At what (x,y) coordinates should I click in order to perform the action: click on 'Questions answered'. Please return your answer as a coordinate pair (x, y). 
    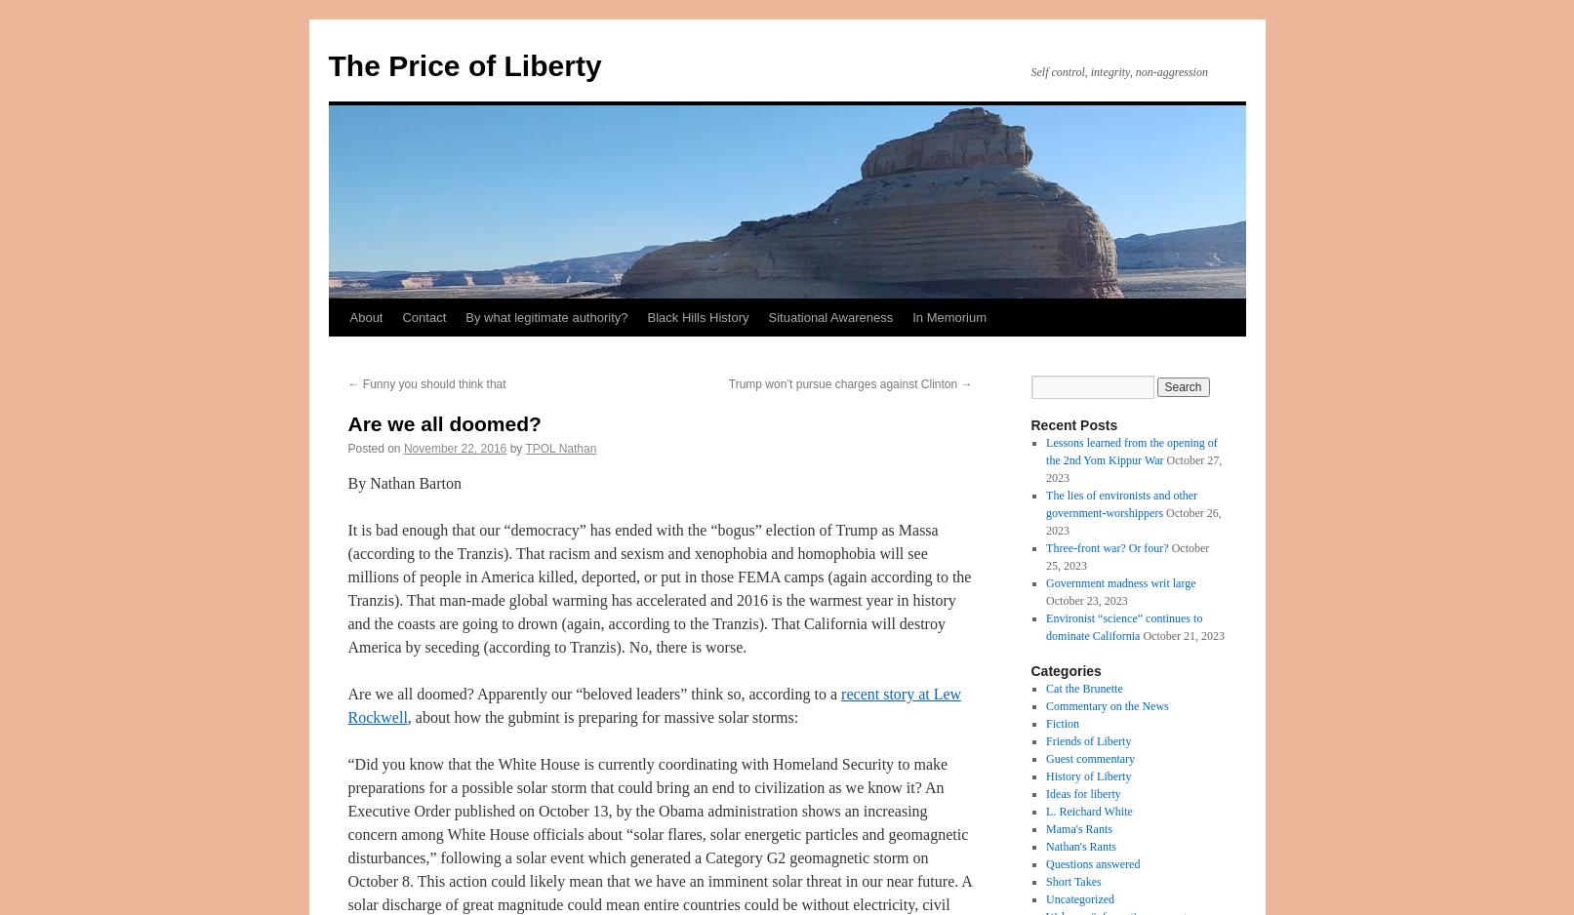
    Looking at the image, I should click on (1092, 864).